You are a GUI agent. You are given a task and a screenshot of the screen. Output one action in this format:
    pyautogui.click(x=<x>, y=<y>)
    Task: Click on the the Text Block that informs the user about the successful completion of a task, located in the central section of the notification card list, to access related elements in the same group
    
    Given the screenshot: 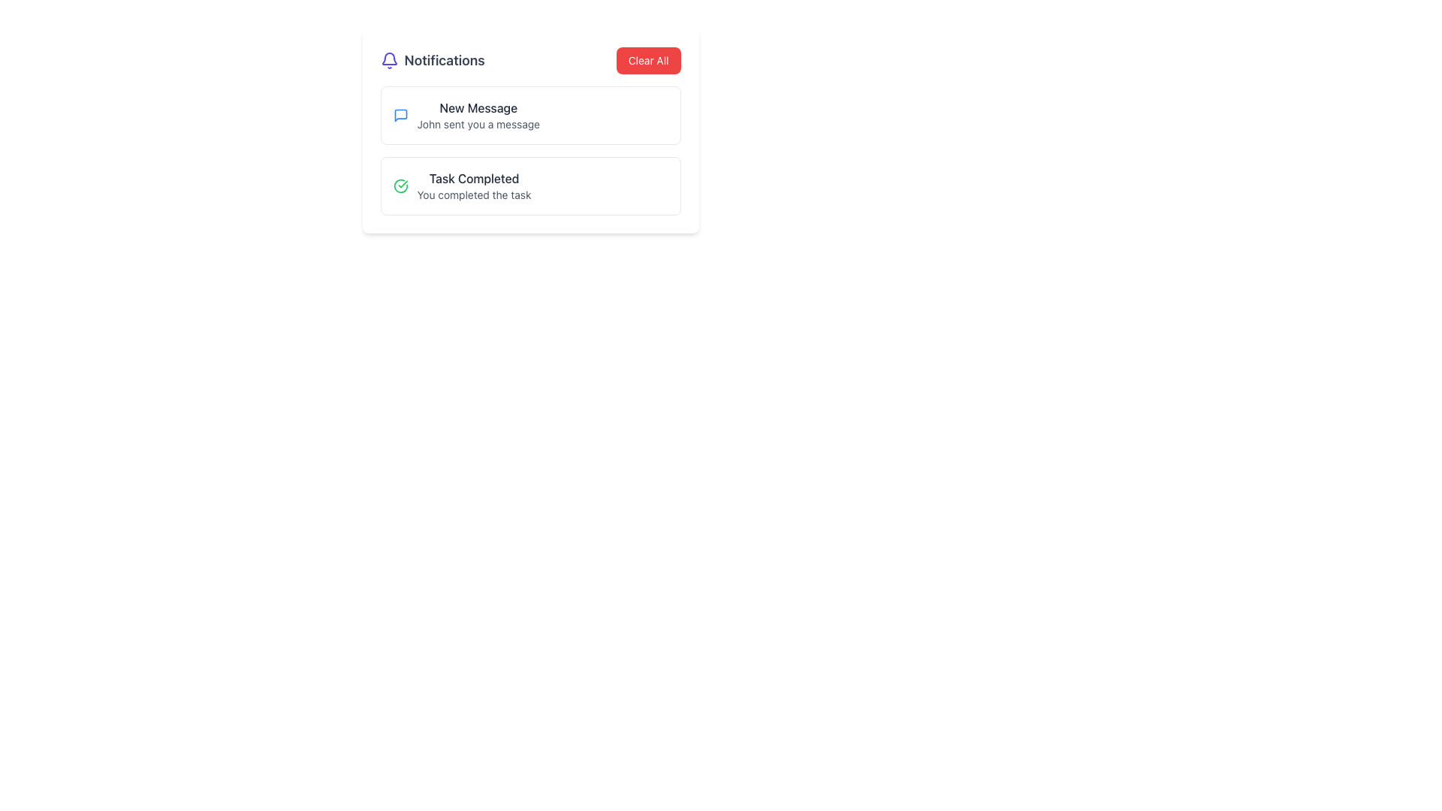 What is the action you would take?
    pyautogui.click(x=473, y=185)
    